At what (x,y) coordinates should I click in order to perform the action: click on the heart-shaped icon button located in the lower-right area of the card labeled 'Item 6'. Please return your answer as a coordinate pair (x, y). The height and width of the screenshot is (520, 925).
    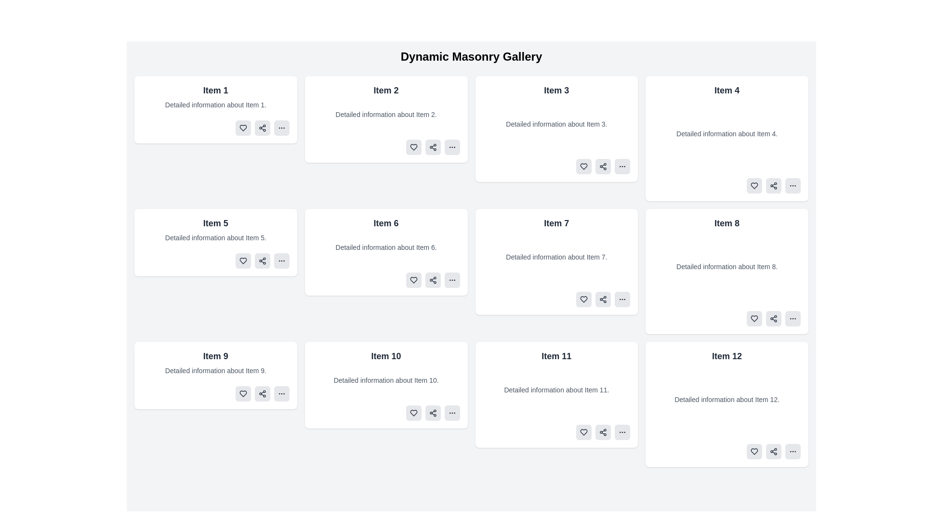
    Looking at the image, I should click on (413, 280).